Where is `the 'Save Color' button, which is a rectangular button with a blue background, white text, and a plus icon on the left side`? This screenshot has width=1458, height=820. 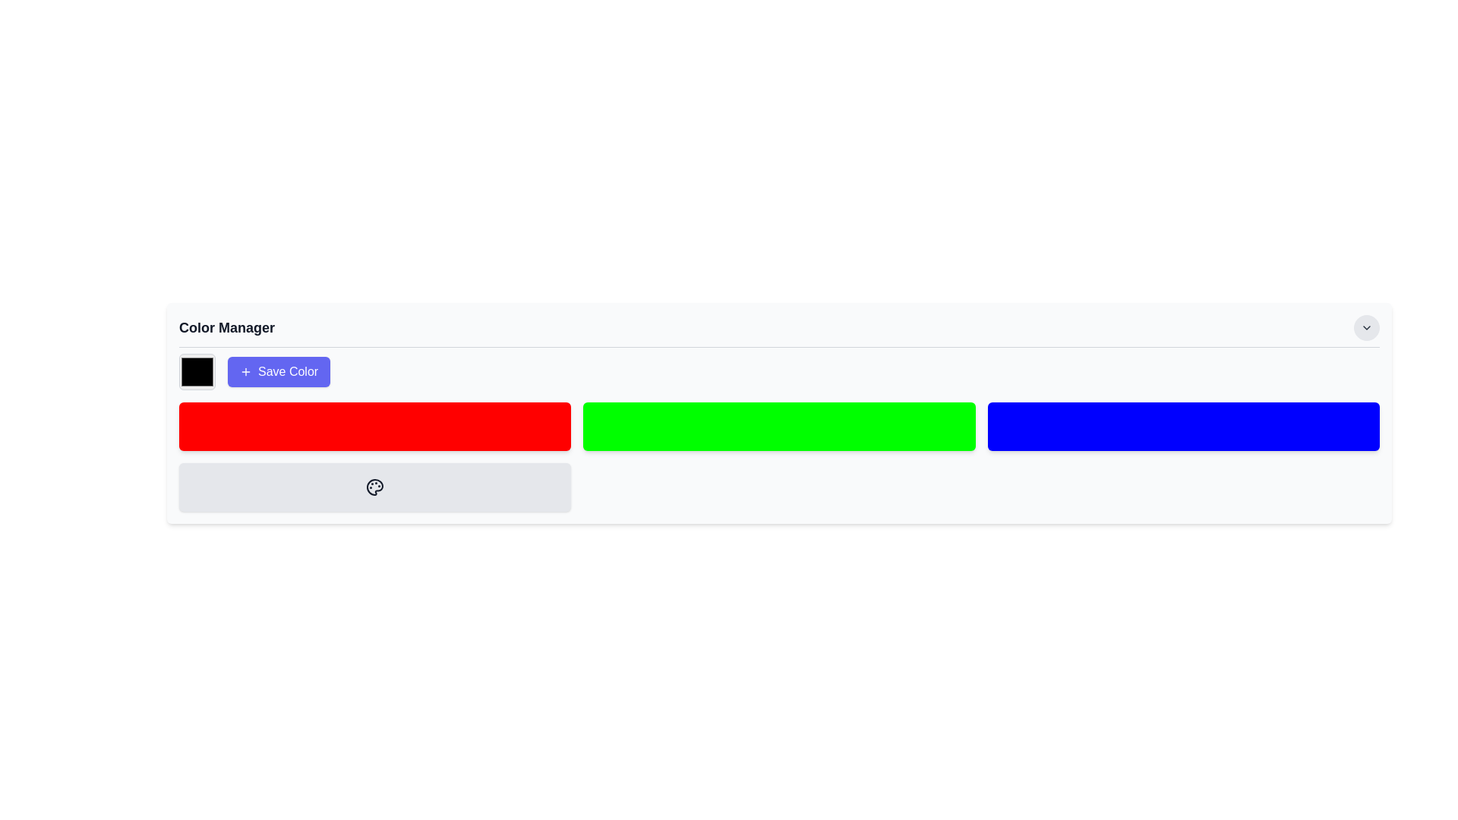 the 'Save Color' button, which is a rectangular button with a blue background, white text, and a plus icon on the left side is located at coordinates (279, 371).